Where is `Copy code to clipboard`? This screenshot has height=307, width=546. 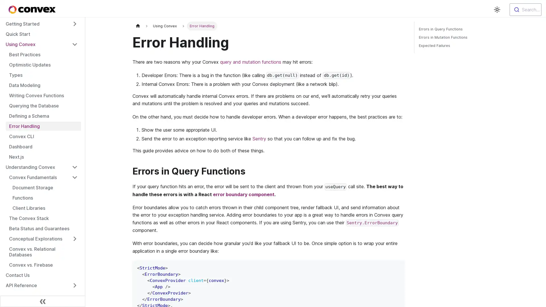
Copy code to clipboard is located at coordinates (398, 267).